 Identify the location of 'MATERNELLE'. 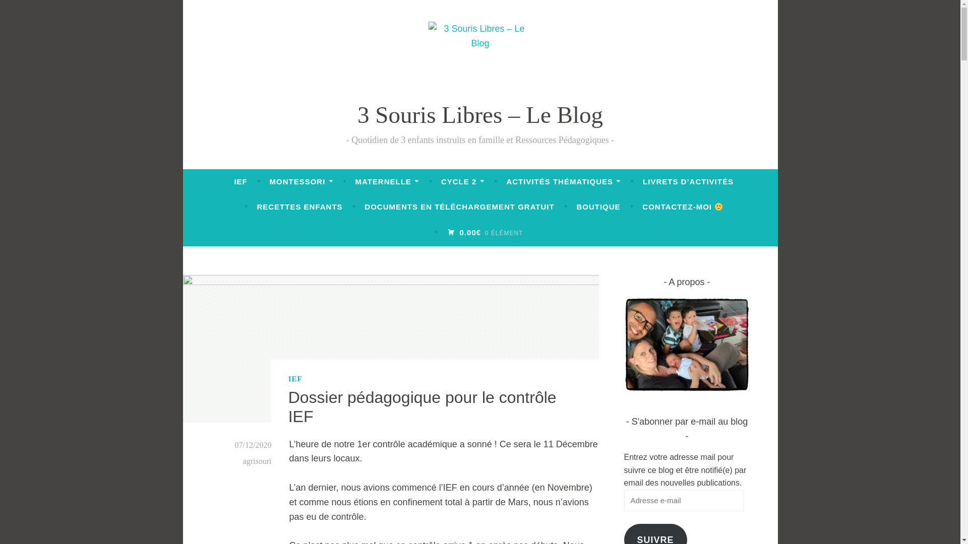
(386, 182).